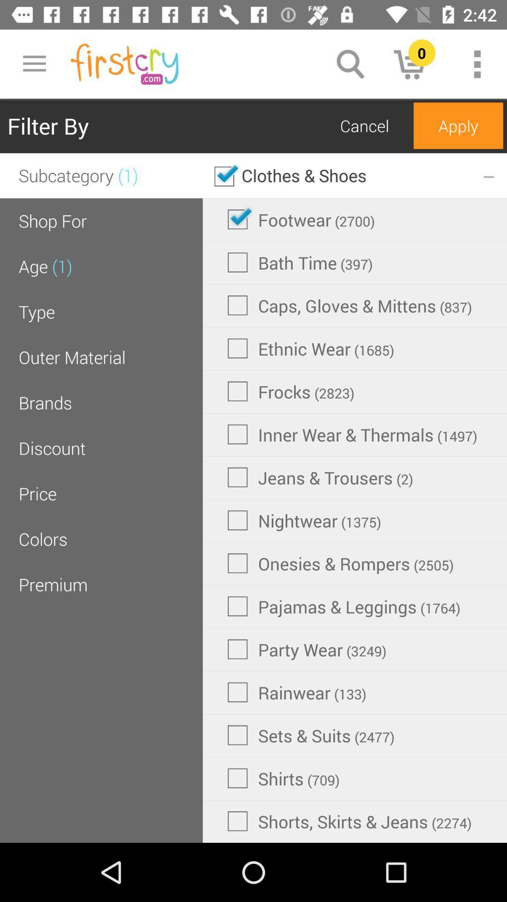 The image size is (507, 902). What do you see at coordinates (283, 778) in the screenshot?
I see `the icon below sets & suits (2477) item` at bounding box center [283, 778].